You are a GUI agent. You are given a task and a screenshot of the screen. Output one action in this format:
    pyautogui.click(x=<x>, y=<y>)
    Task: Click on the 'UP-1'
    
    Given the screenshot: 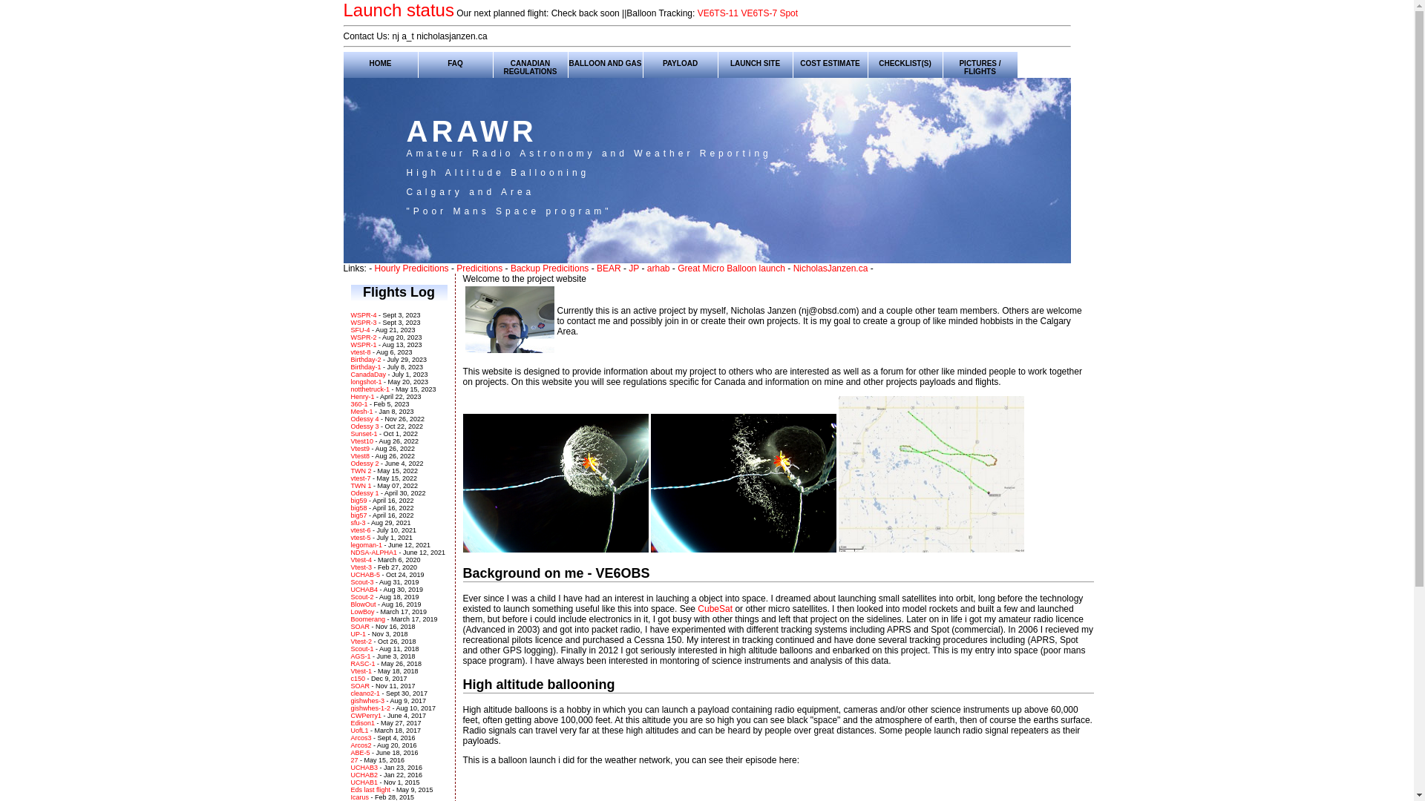 What is the action you would take?
    pyautogui.click(x=358, y=634)
    